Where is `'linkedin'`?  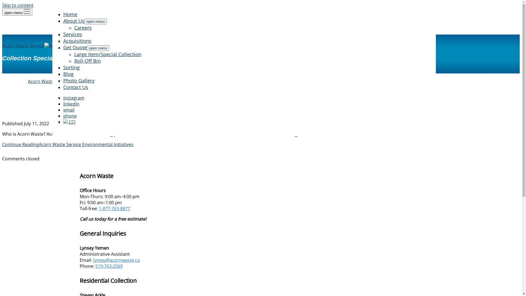
'linkedin' is located at coordinates (71, 104).